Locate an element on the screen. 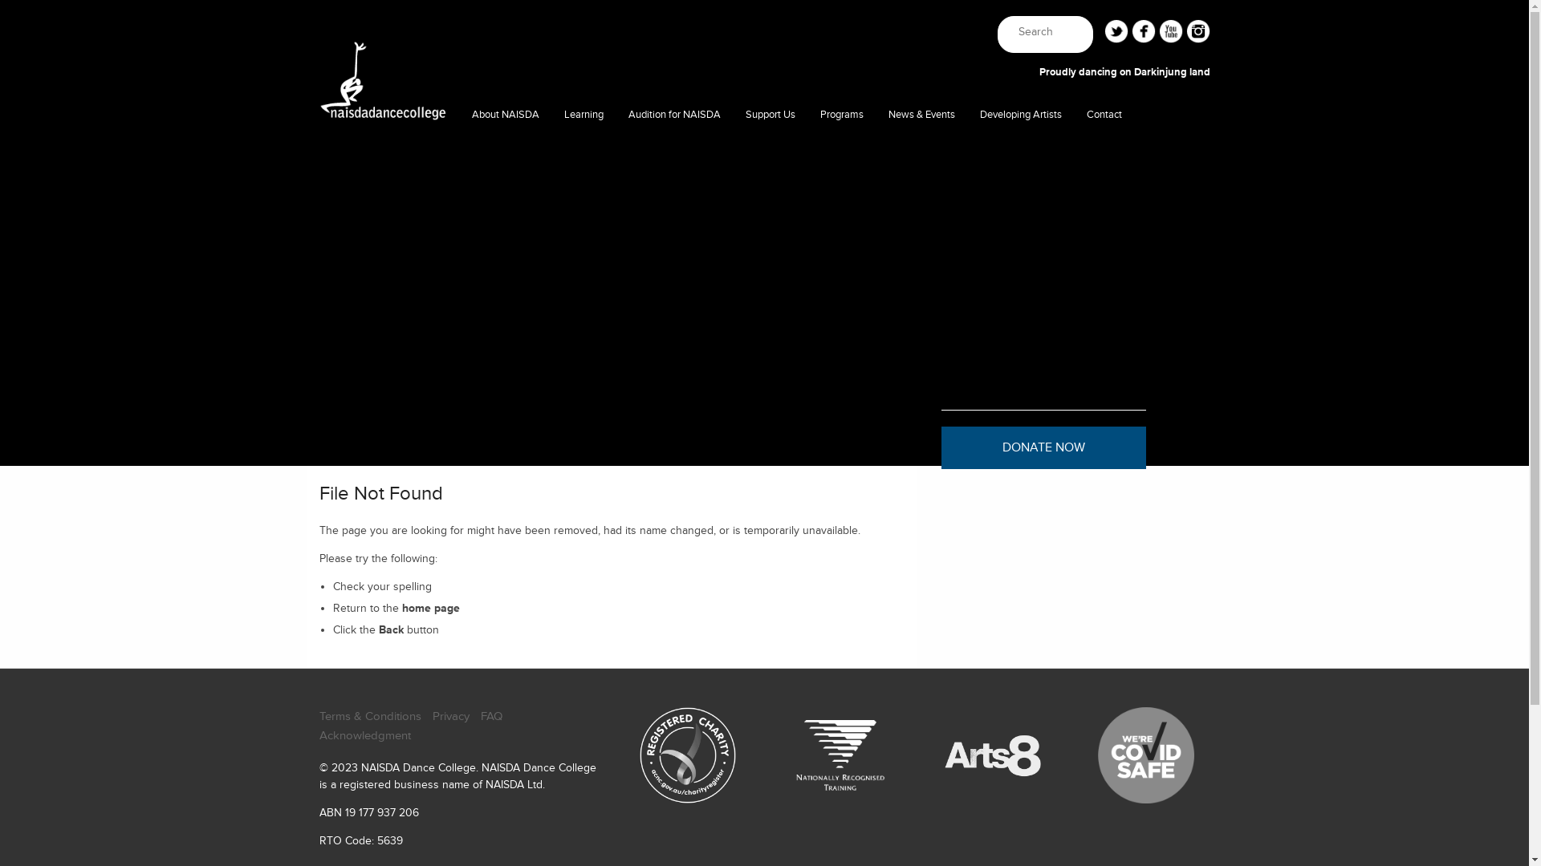 The height and width of the screenshot is (866, 1541). 'Instagram' is located at coordinates (1186, 30).